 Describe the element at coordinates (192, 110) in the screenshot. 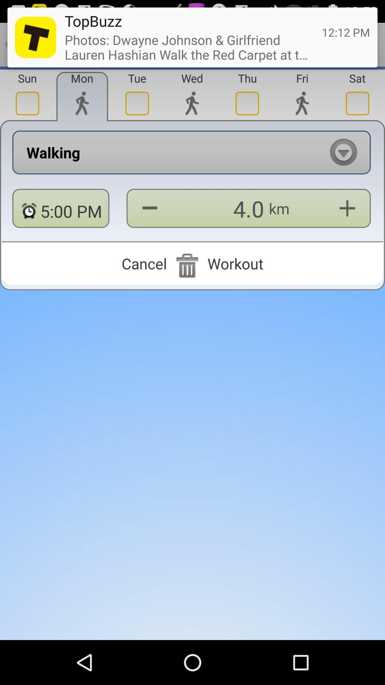

I see `the weather icon` at that location.